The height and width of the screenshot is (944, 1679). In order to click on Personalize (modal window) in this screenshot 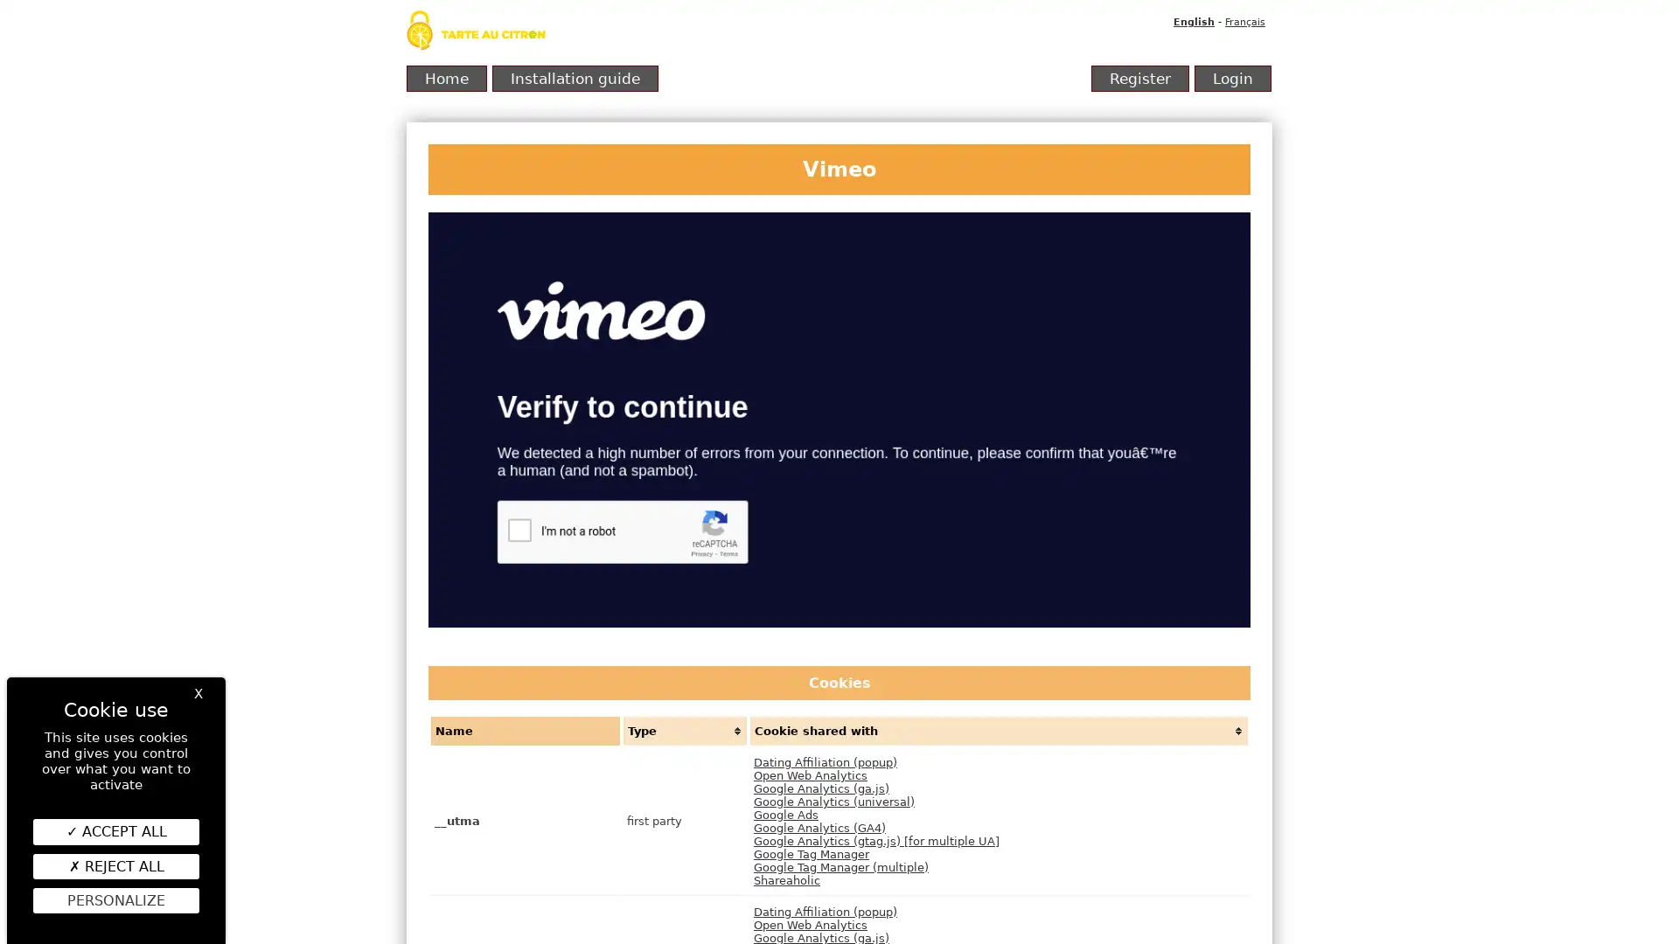, I will do `click(115, 899)`.